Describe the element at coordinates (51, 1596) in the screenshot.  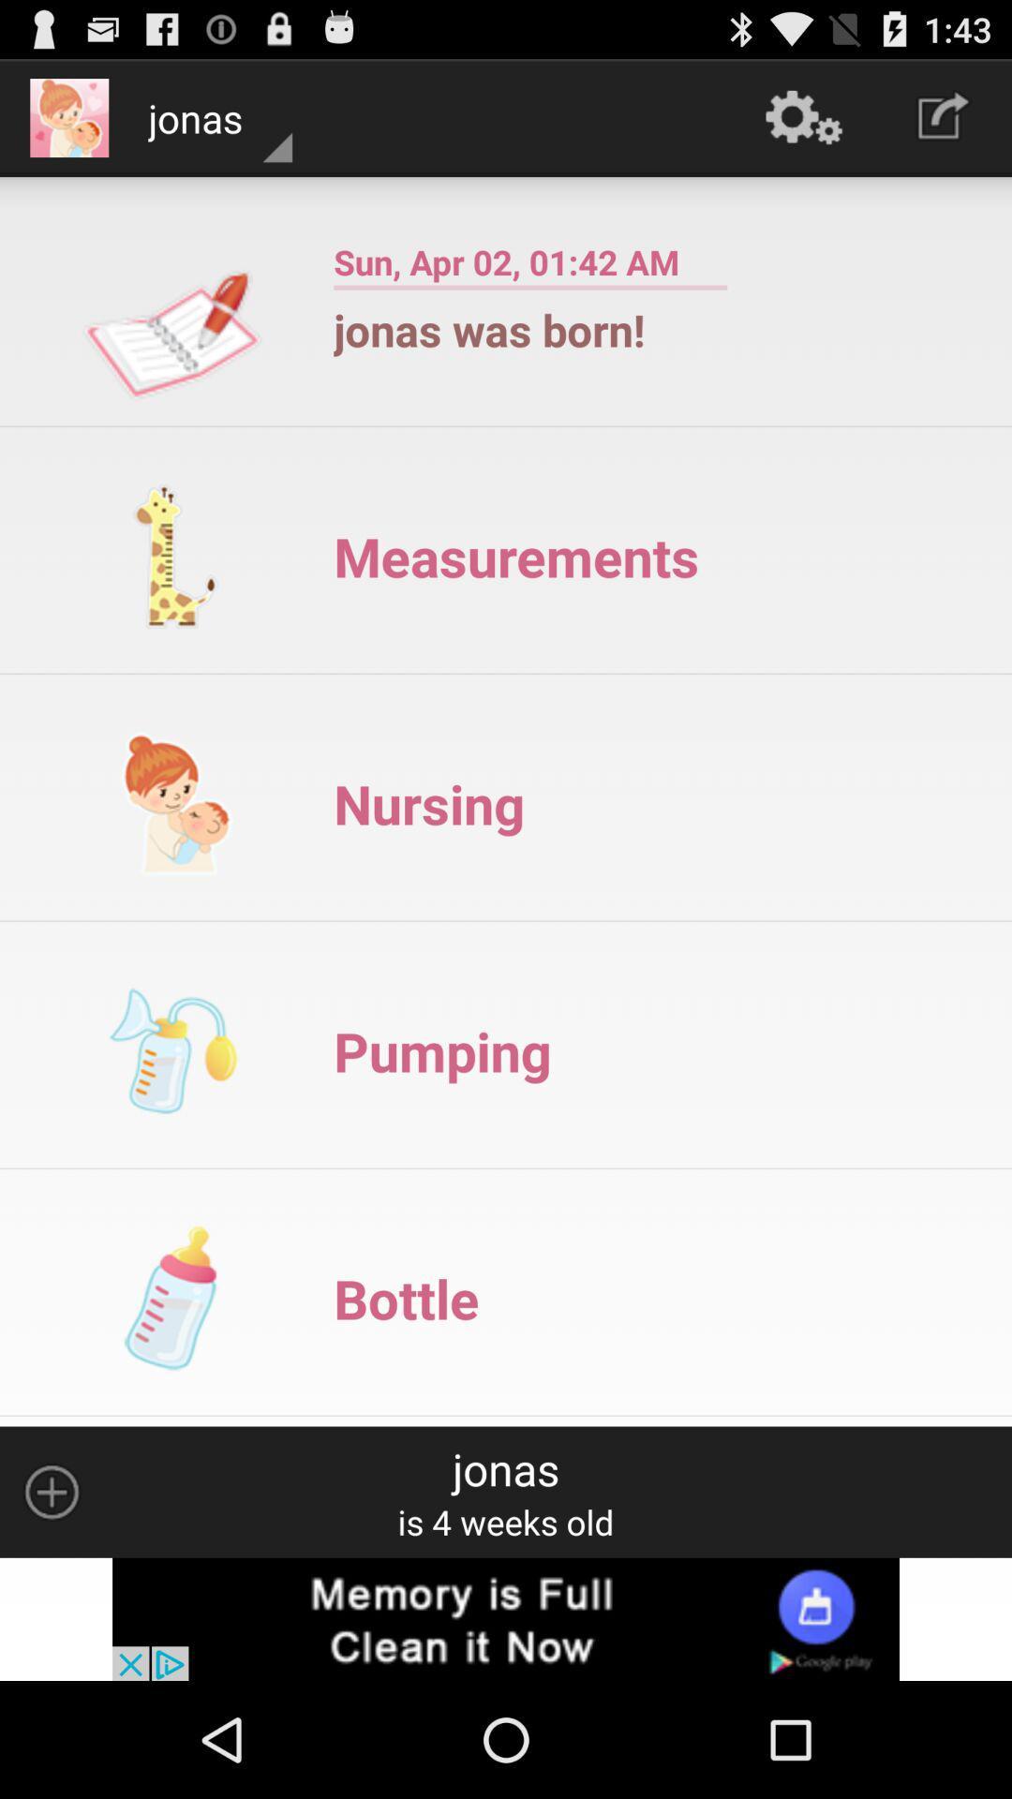
I see `the add icon` at that location.